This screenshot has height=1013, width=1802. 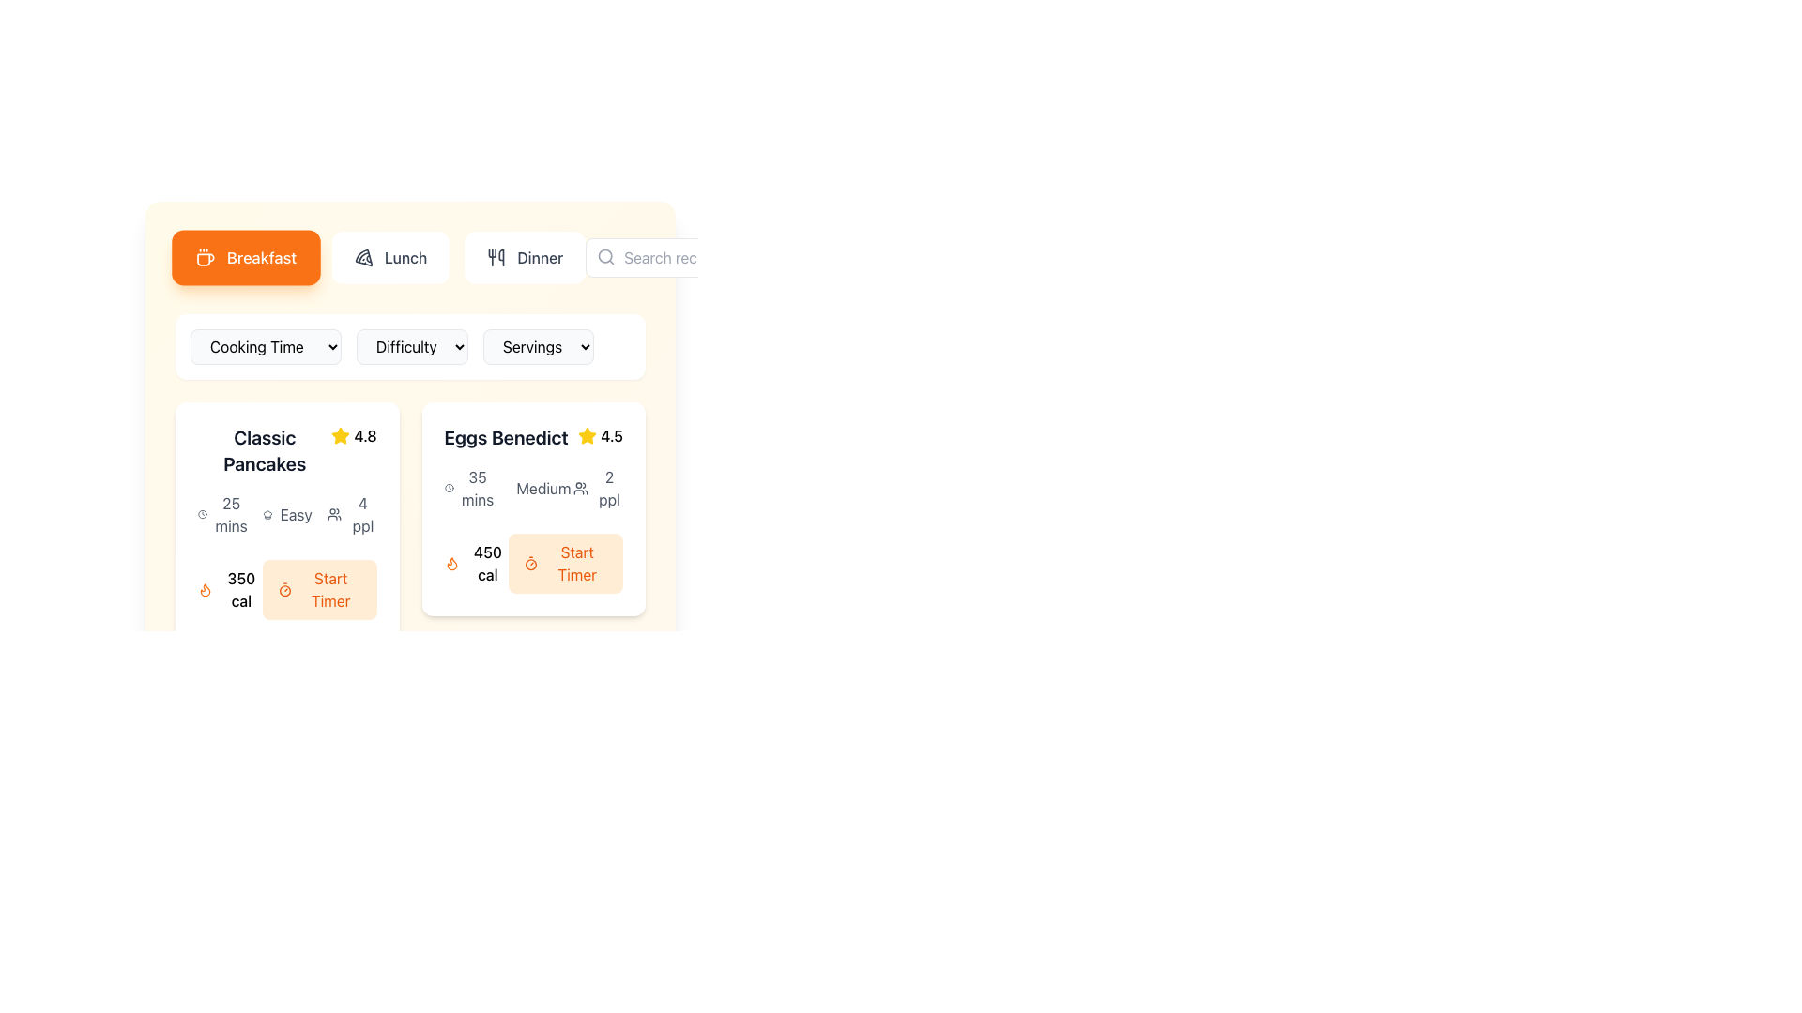 I want to click on the visual appearance of the yellow five-pointed star icon located in front of the numerical rating '4.6' on the 'Classic Pancakes' card, so click(x=341, y=698).